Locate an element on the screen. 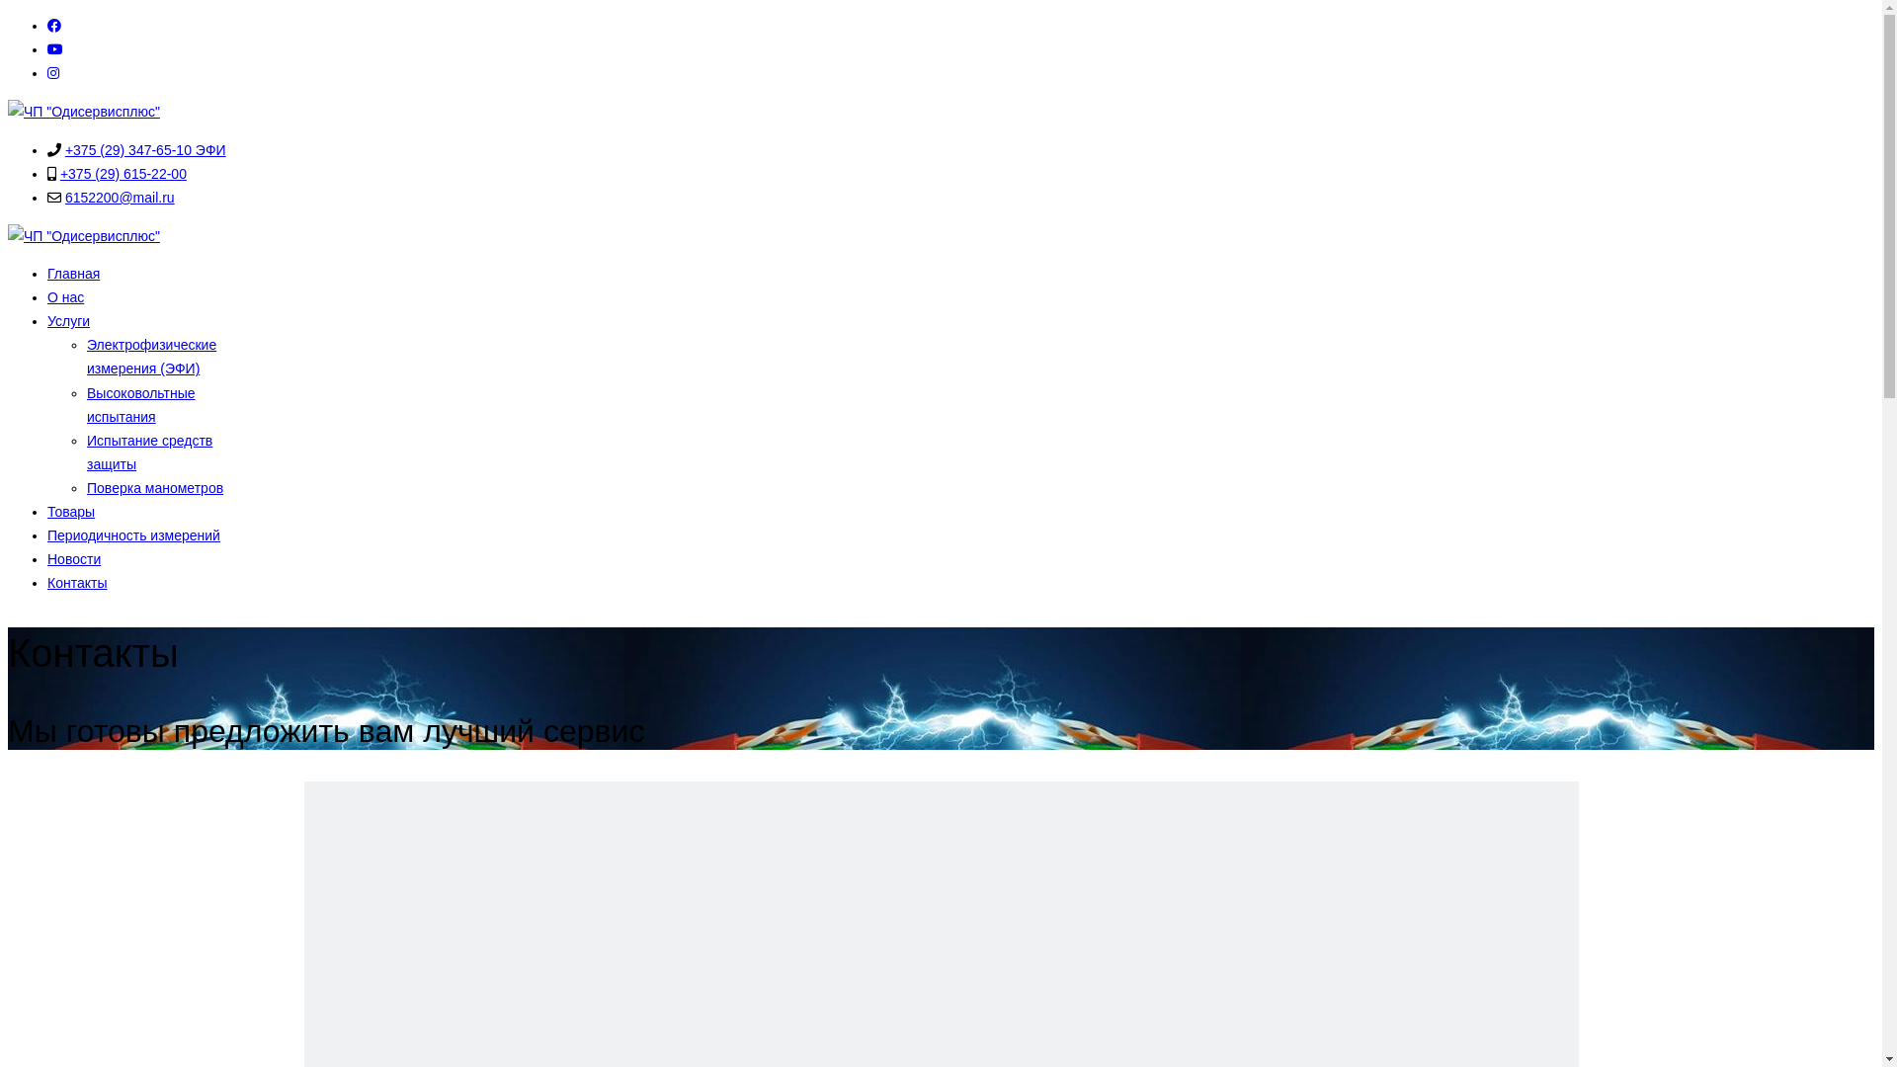  '6152200@mail.ru' is located at coordinates (119, 198).